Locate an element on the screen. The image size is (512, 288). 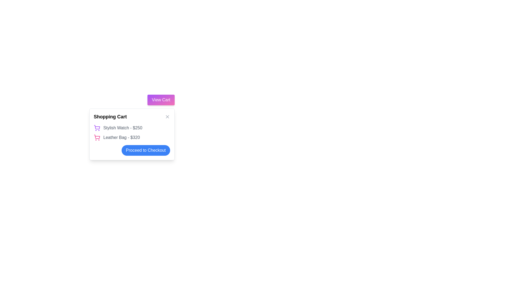
the text label displaying 'Stylish Watch - $250' in the shopping cart interface, positioned next to the purple shopping cart icon is located at coordinates (122, 128).